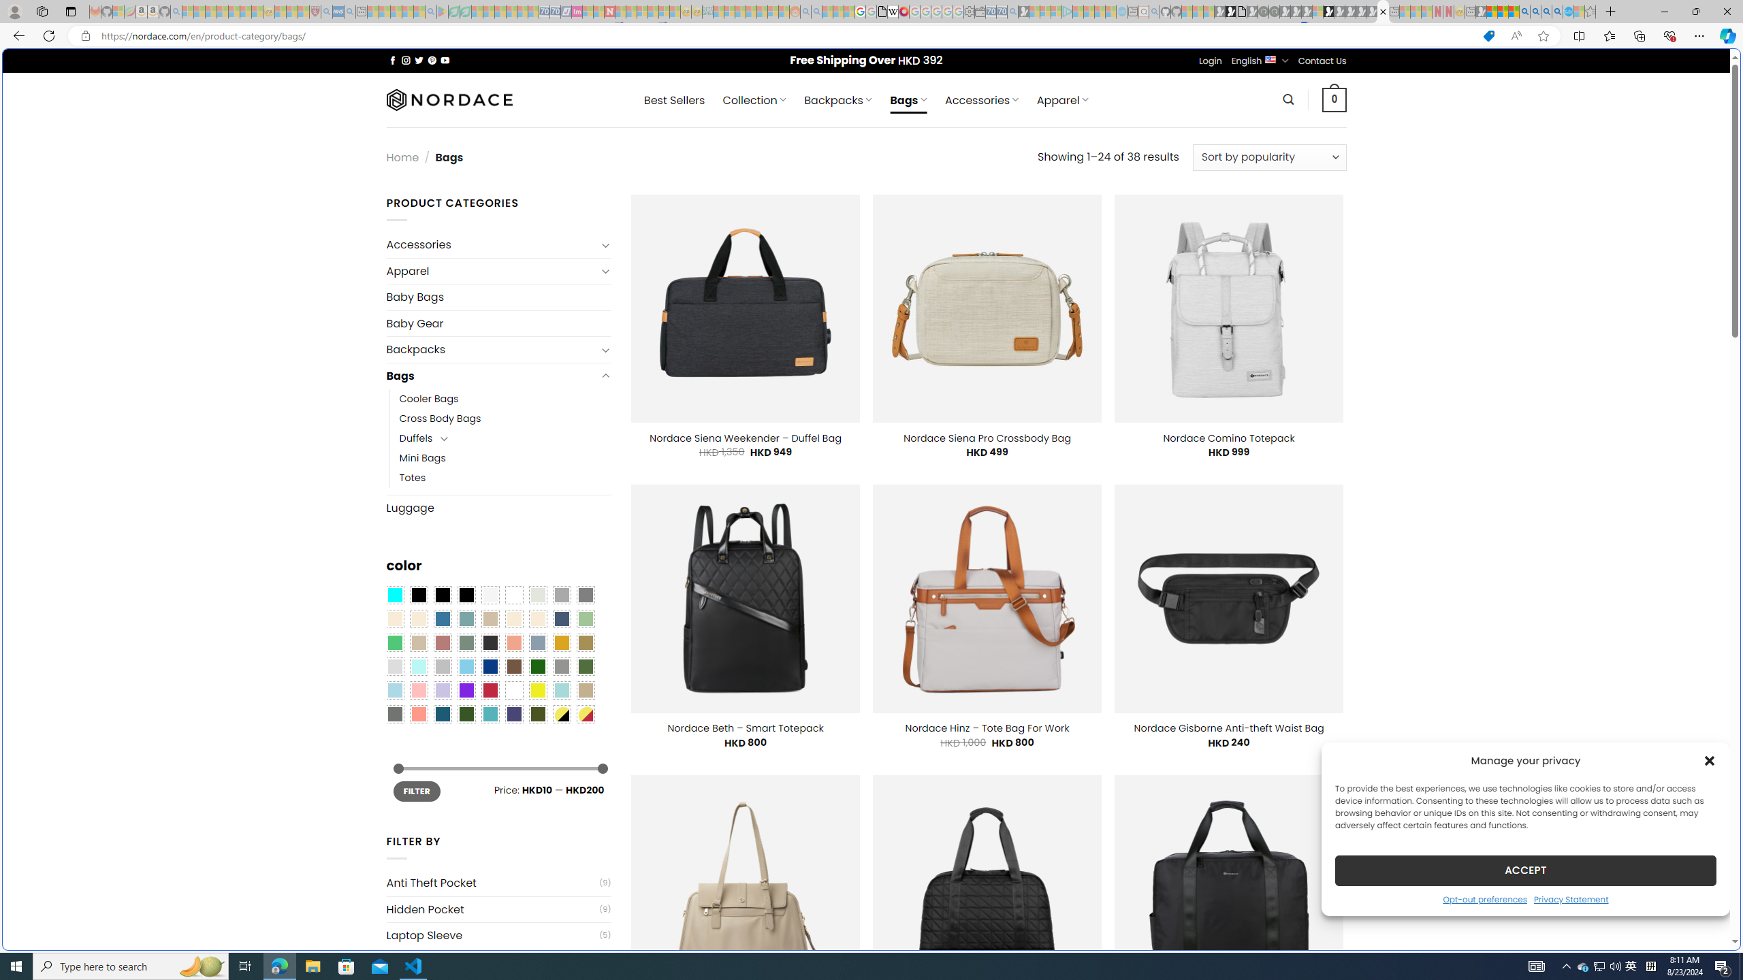 Image resolution: width=1743 pixels, height=980 pixels. What do you see at coordinates (1480, 11) in the screenshot?
I see `'MSN - Sleeping'` at bounding box center [1480, 11].